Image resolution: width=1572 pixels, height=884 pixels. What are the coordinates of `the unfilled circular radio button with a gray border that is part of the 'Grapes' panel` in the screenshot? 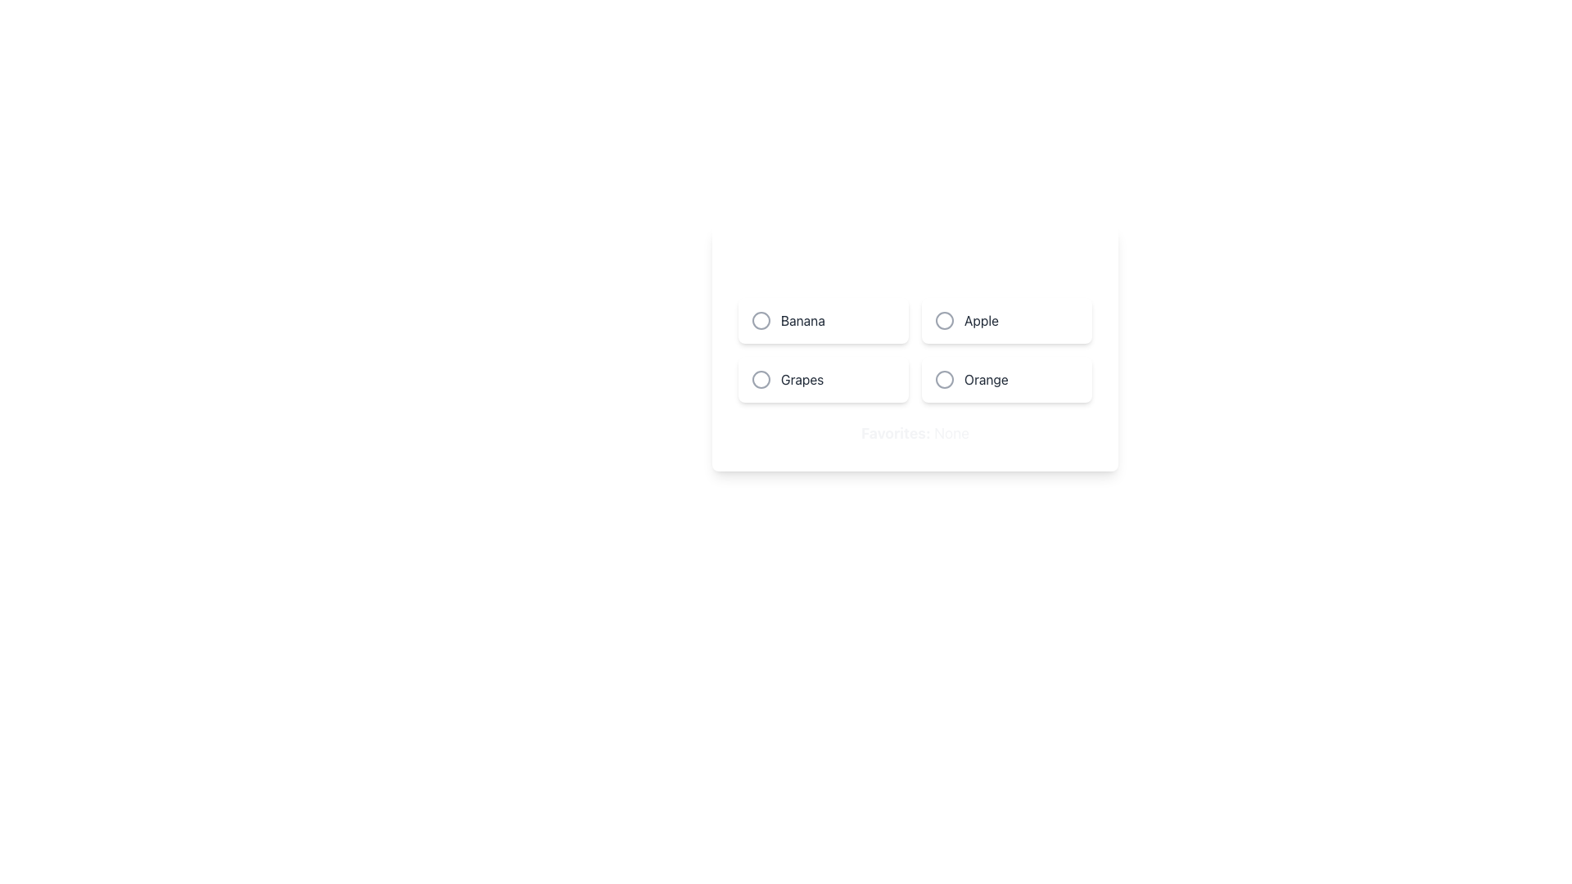 It's located at (761, 379).